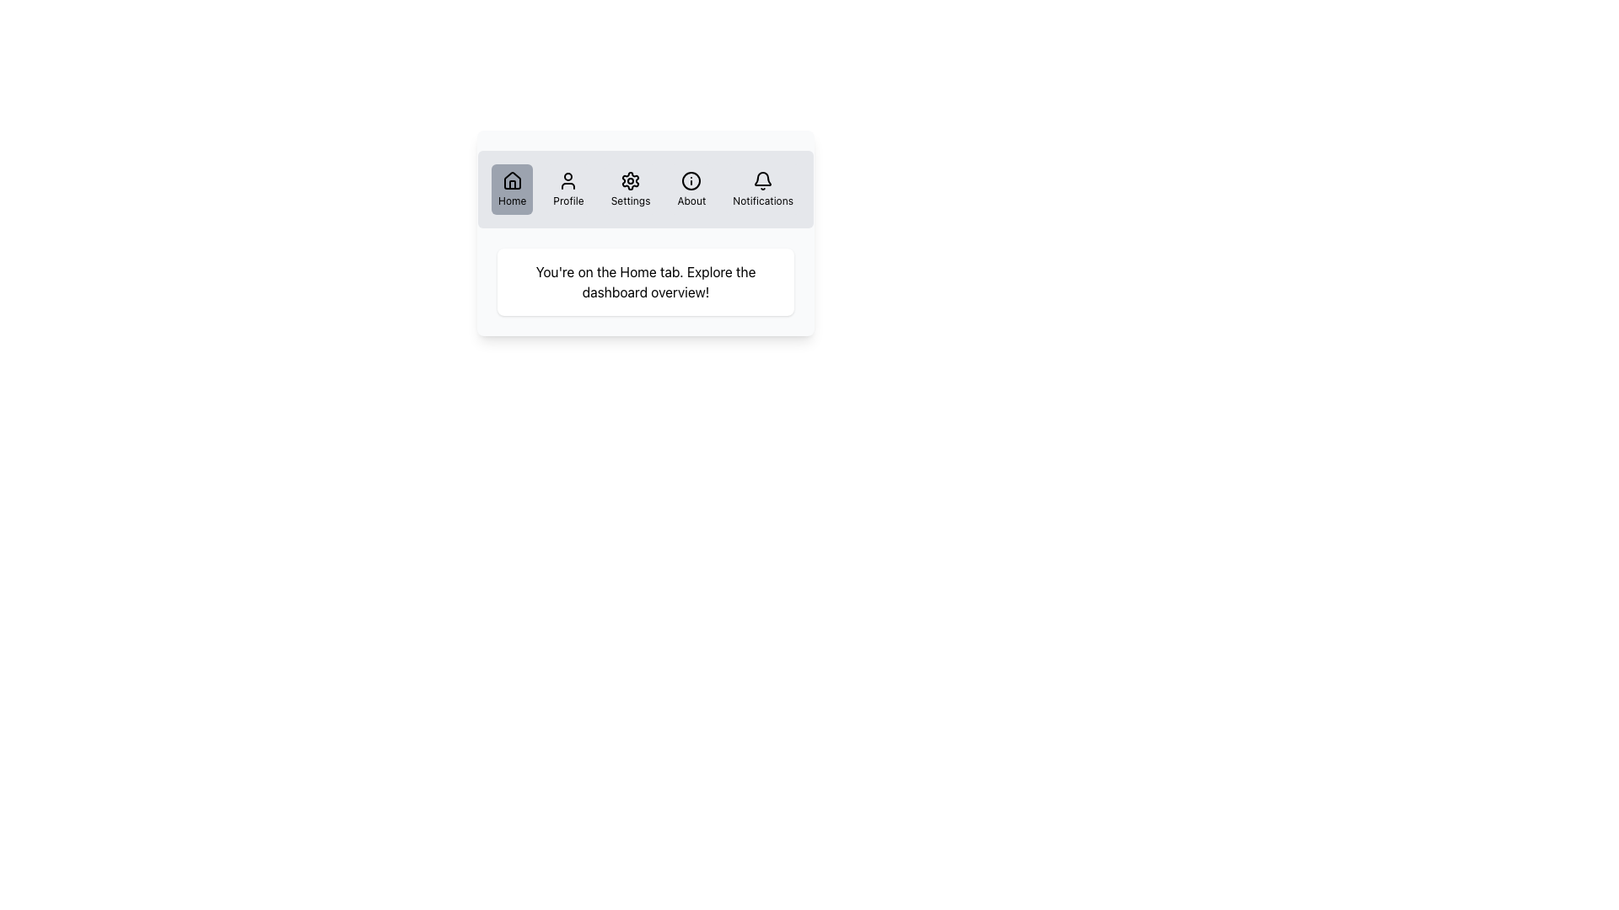 The width and height of the screenshot is (1619, 910). Describe the element at coordinates (762, 189) in the screenshot. I see `the Notifications button located at the far right of the horizontal navigation menu` at that location.